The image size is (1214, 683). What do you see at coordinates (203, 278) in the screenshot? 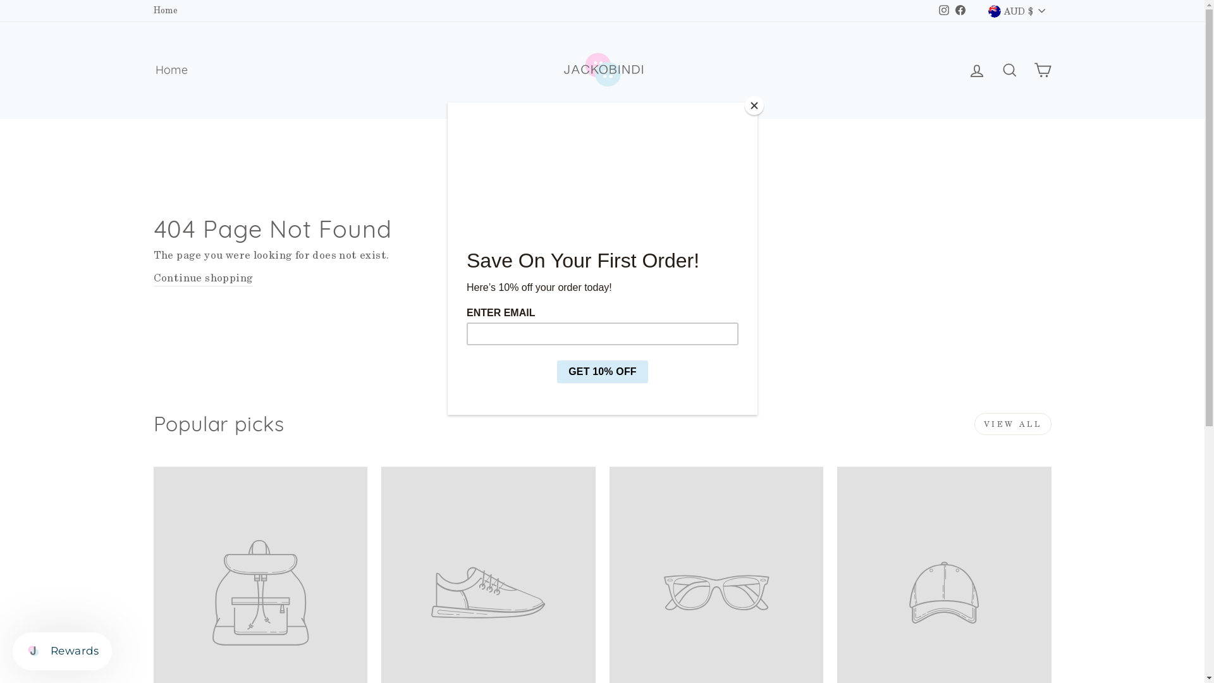
I see `'Continue shopping'` at bounding box center [203, 278].